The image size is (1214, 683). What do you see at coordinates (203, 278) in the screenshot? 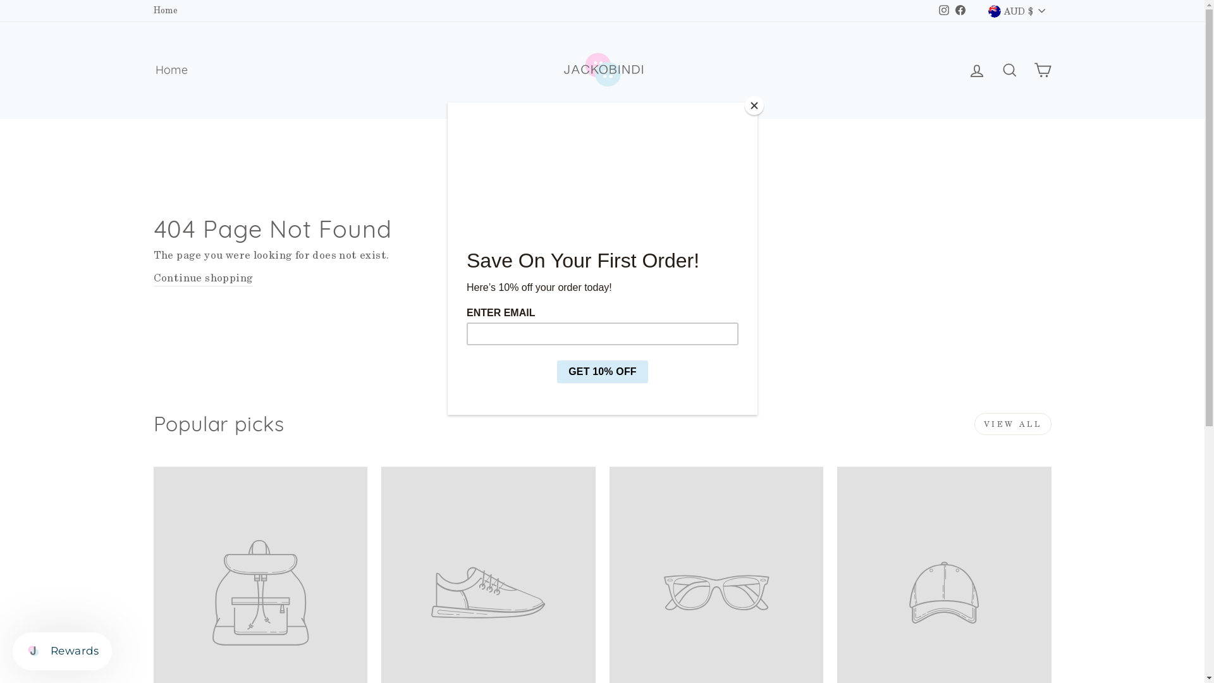
I see `'Continue shopping'` at bounding box center [203, 278].